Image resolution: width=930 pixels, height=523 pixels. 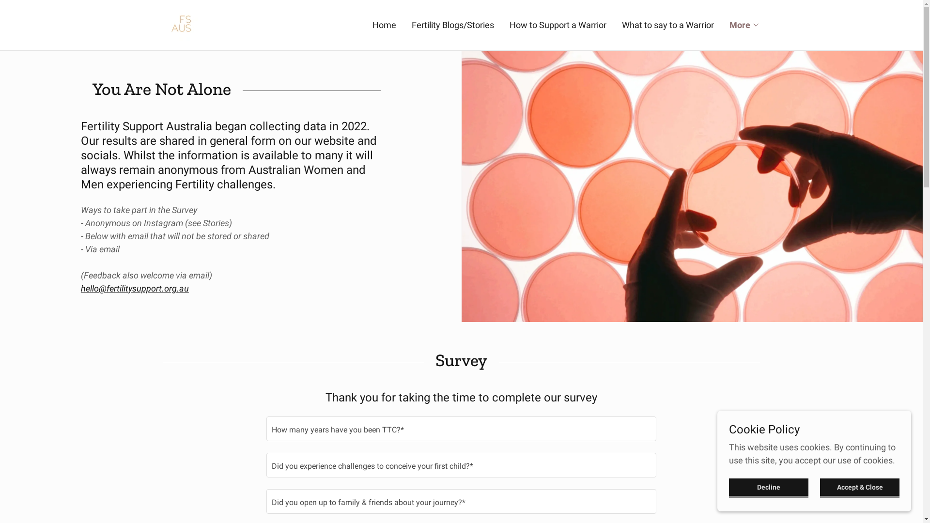 What do you see at coordinates (409, 24) in the screenshot?
I see `'Fertility Blogs/Stories'` at bounding box center [409, 24].